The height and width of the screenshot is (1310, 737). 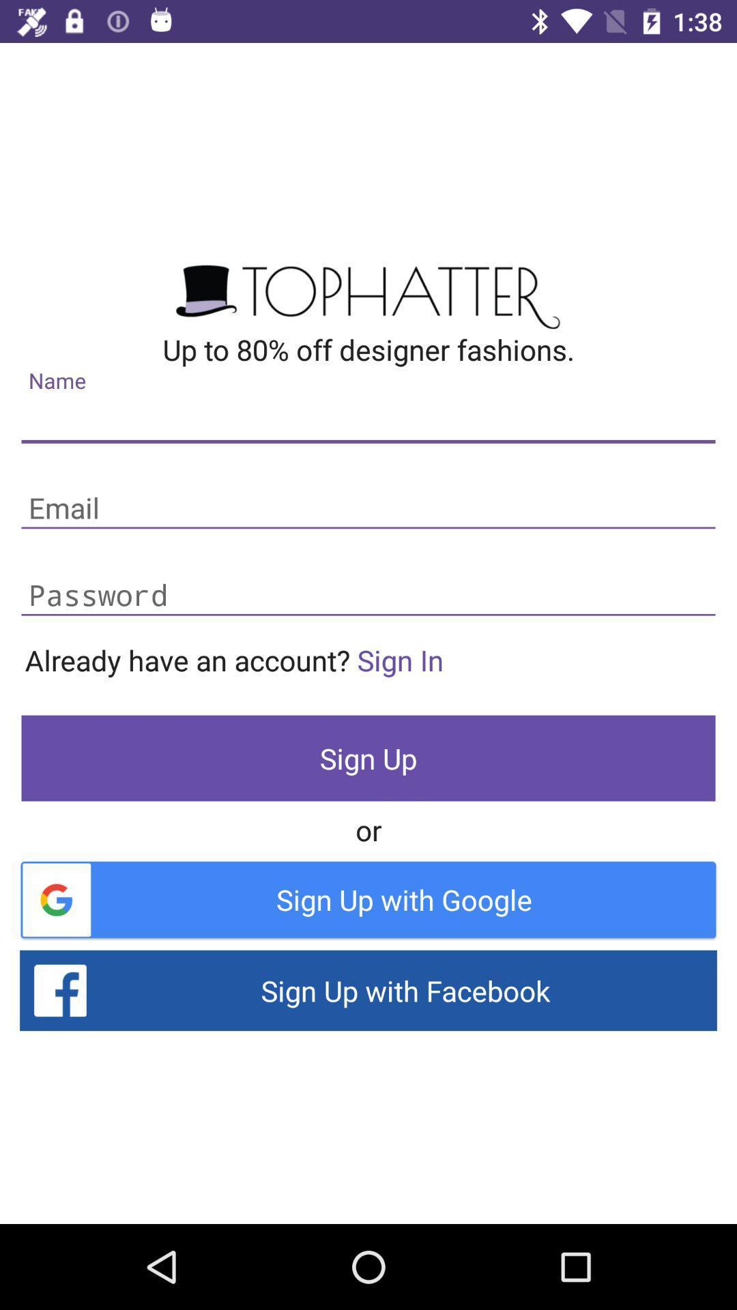 I want to click on your email, so click(x=369, y=508).